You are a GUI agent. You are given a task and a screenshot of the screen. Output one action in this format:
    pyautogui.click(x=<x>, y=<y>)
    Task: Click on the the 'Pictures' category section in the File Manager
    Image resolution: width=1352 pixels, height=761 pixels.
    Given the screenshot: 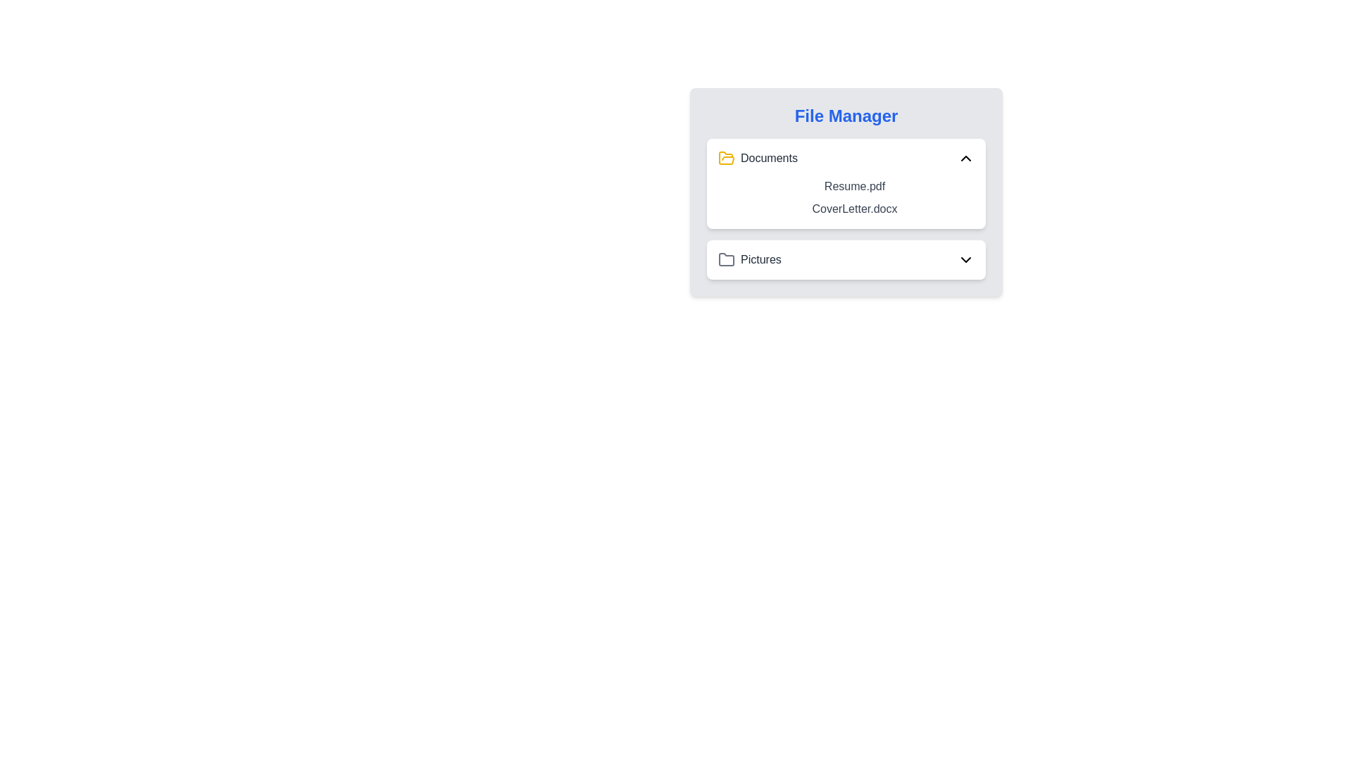 What is the action you would take?
    pyautogui.click(x=845, y=260)
    